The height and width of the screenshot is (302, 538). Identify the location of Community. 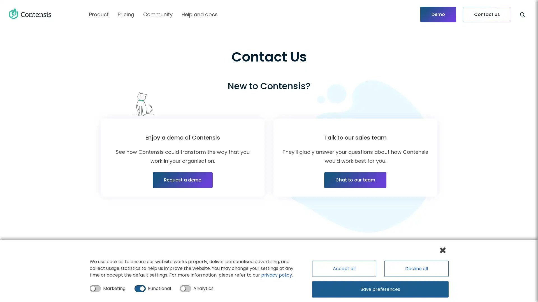
(157, 14).